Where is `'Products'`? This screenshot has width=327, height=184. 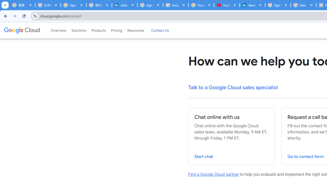
'Products' is located at coordinates (98, 30).